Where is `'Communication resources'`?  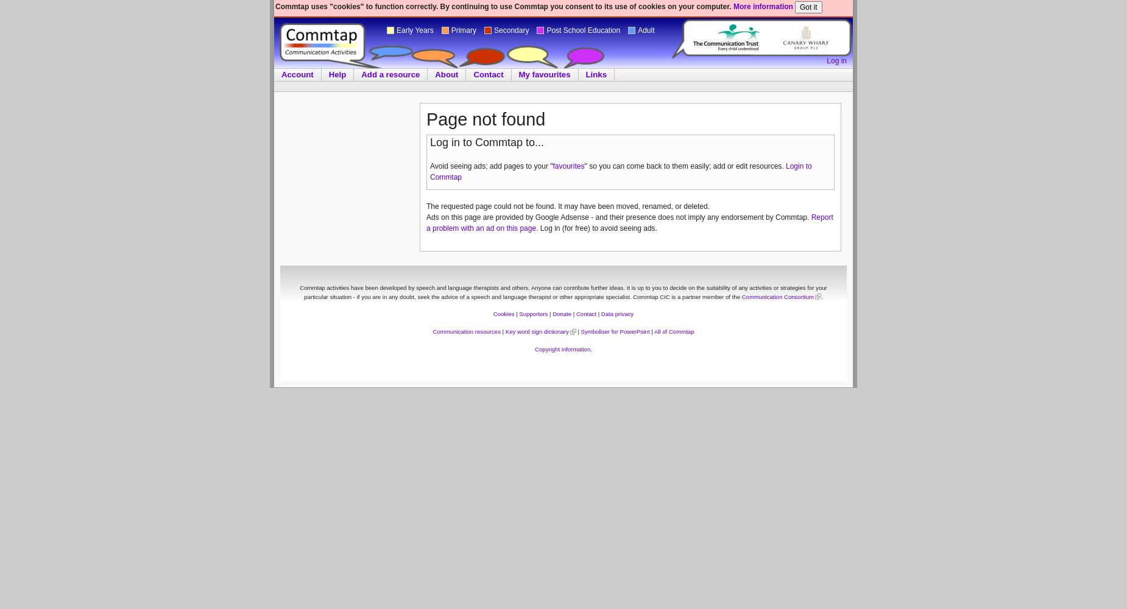
'Communication resources' is located at coordinates (466, 331).